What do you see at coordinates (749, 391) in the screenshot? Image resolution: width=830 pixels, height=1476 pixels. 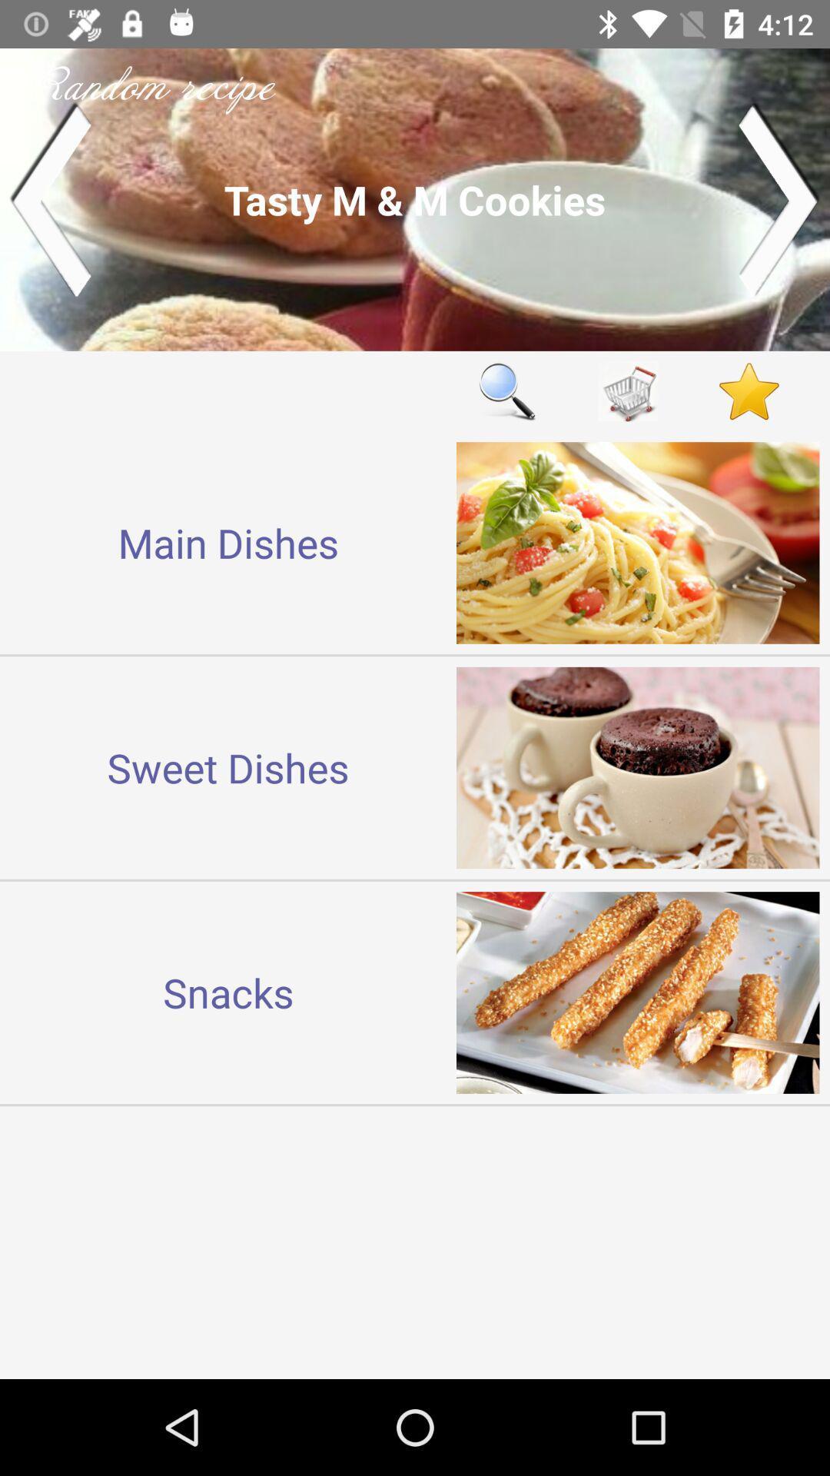 I see `favorite` at bounding box center [749, 391].